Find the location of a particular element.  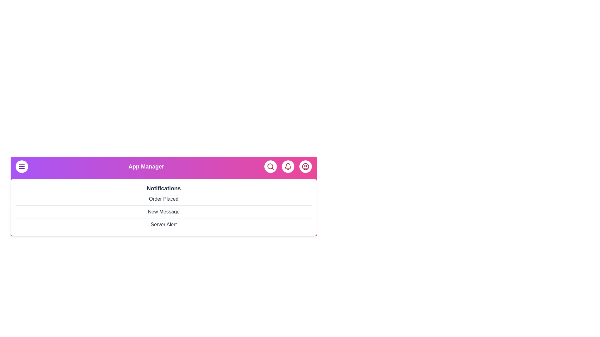

the user icon to access user settings is located at coordinates (306, 166).